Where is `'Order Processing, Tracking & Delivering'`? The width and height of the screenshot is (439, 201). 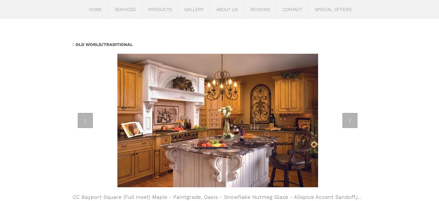
'Order Processing, Tracking & Delivering' is located at coordinates (133, 39).